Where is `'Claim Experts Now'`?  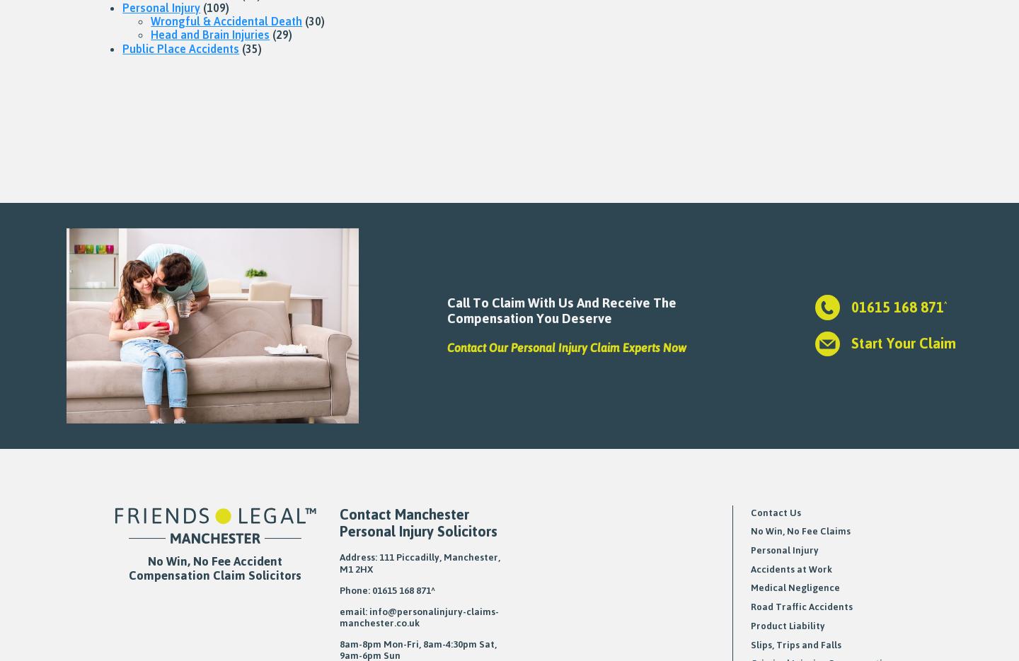
'Claim Experts Now' is located at coordinates (635, 346).